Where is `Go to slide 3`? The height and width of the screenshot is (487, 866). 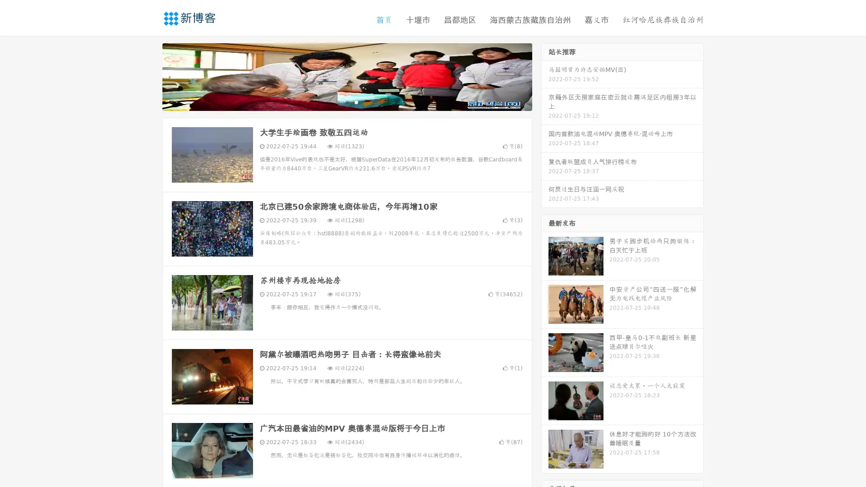 Go to slide 3 is located at coordinates (356, 101).